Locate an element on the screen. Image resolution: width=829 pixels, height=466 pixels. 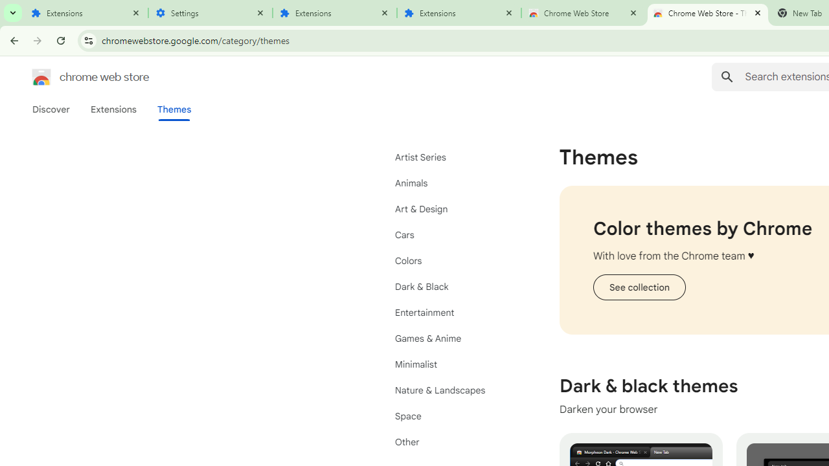
'Dark & Black' is located at coordinates (453, 286).